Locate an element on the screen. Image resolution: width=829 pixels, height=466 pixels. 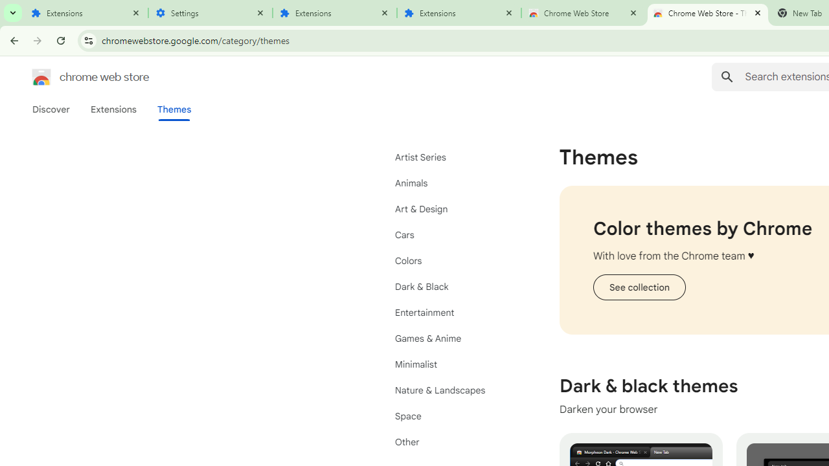
'Dark & Black' is located at coordinates (453, 286).